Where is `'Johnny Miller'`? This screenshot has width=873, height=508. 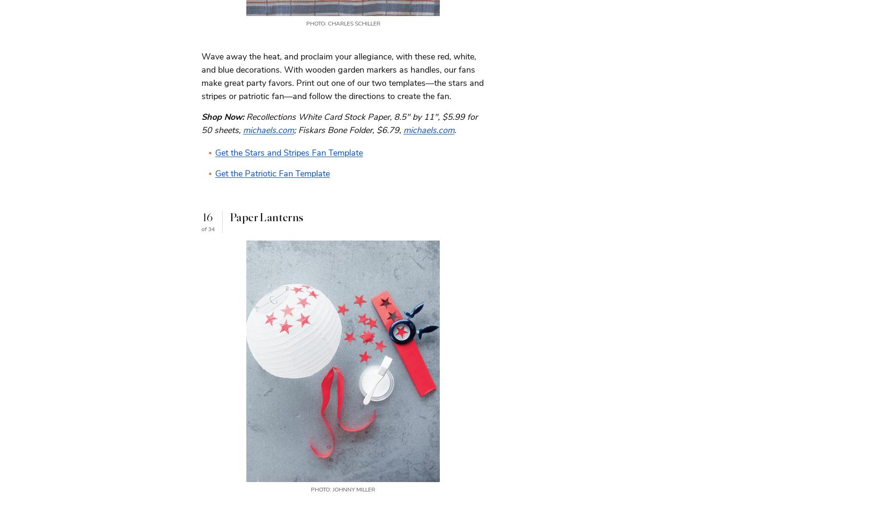 'Johnny Miller' is located at coordinates (353, 489).